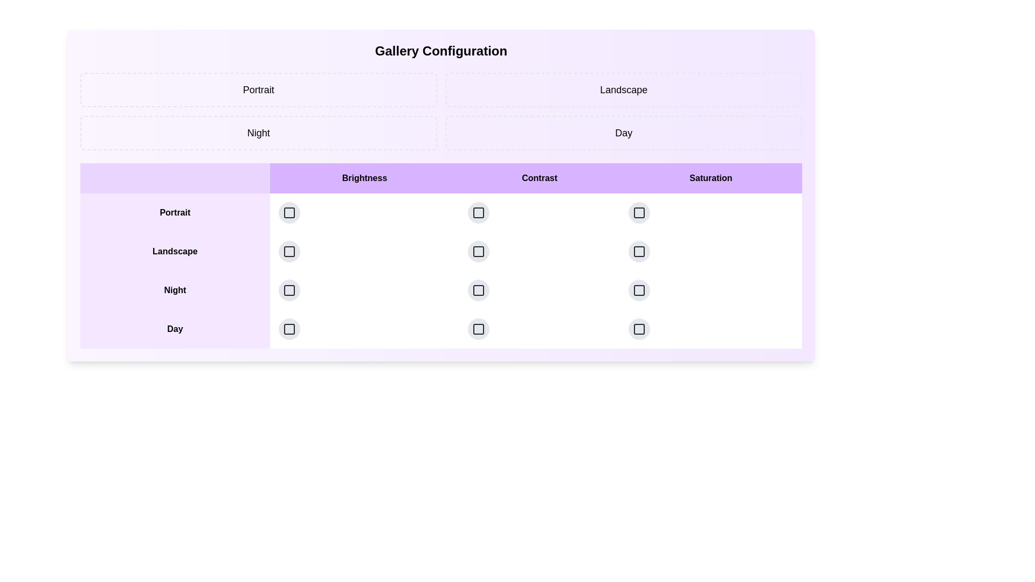 Image resolution: width=1035 pixels, height=582 pixels. Describe the element at coordinates (478, 212) in the screenshot. I see `the Checkbox in the first row under the 'Contrast' column` at that location.